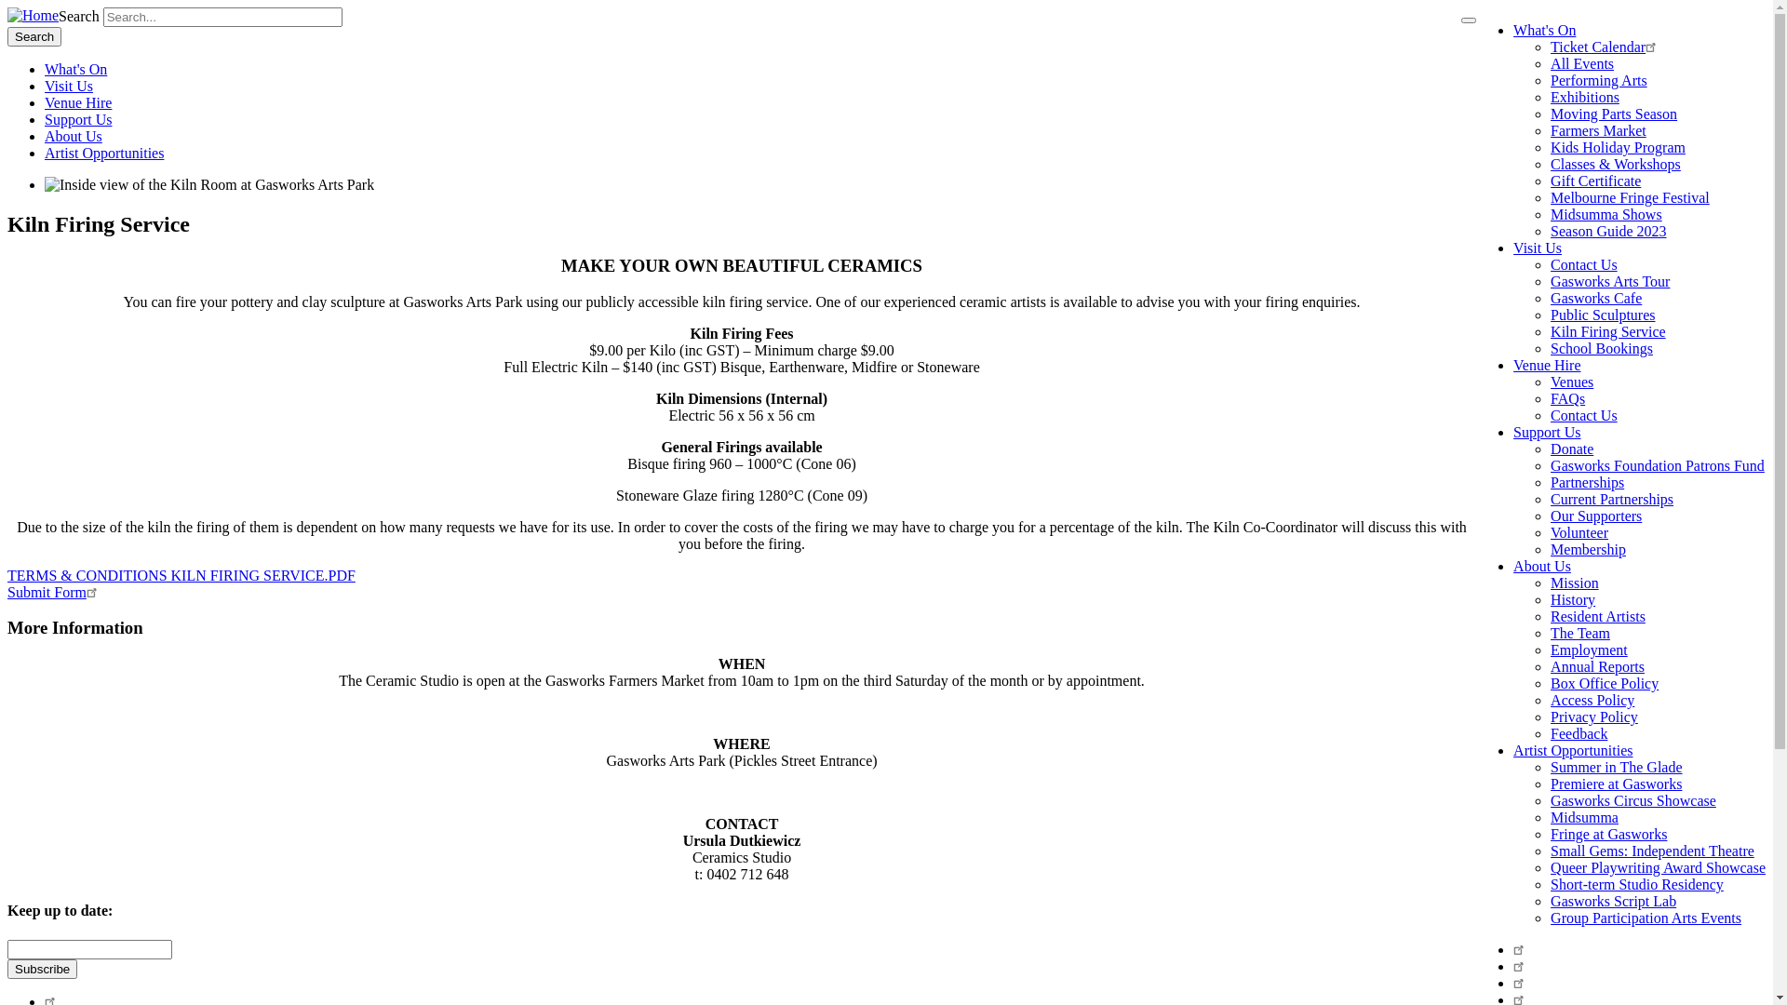  I want to click on 'Current Partnerships', so click(1611, 498).